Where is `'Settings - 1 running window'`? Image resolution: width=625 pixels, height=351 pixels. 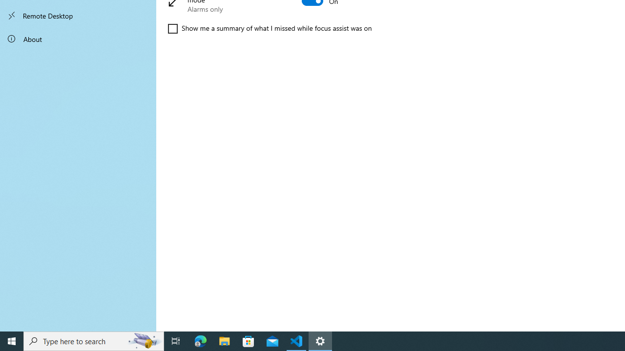 'Settings - 1 running window' is located at coordinates (320, 340).